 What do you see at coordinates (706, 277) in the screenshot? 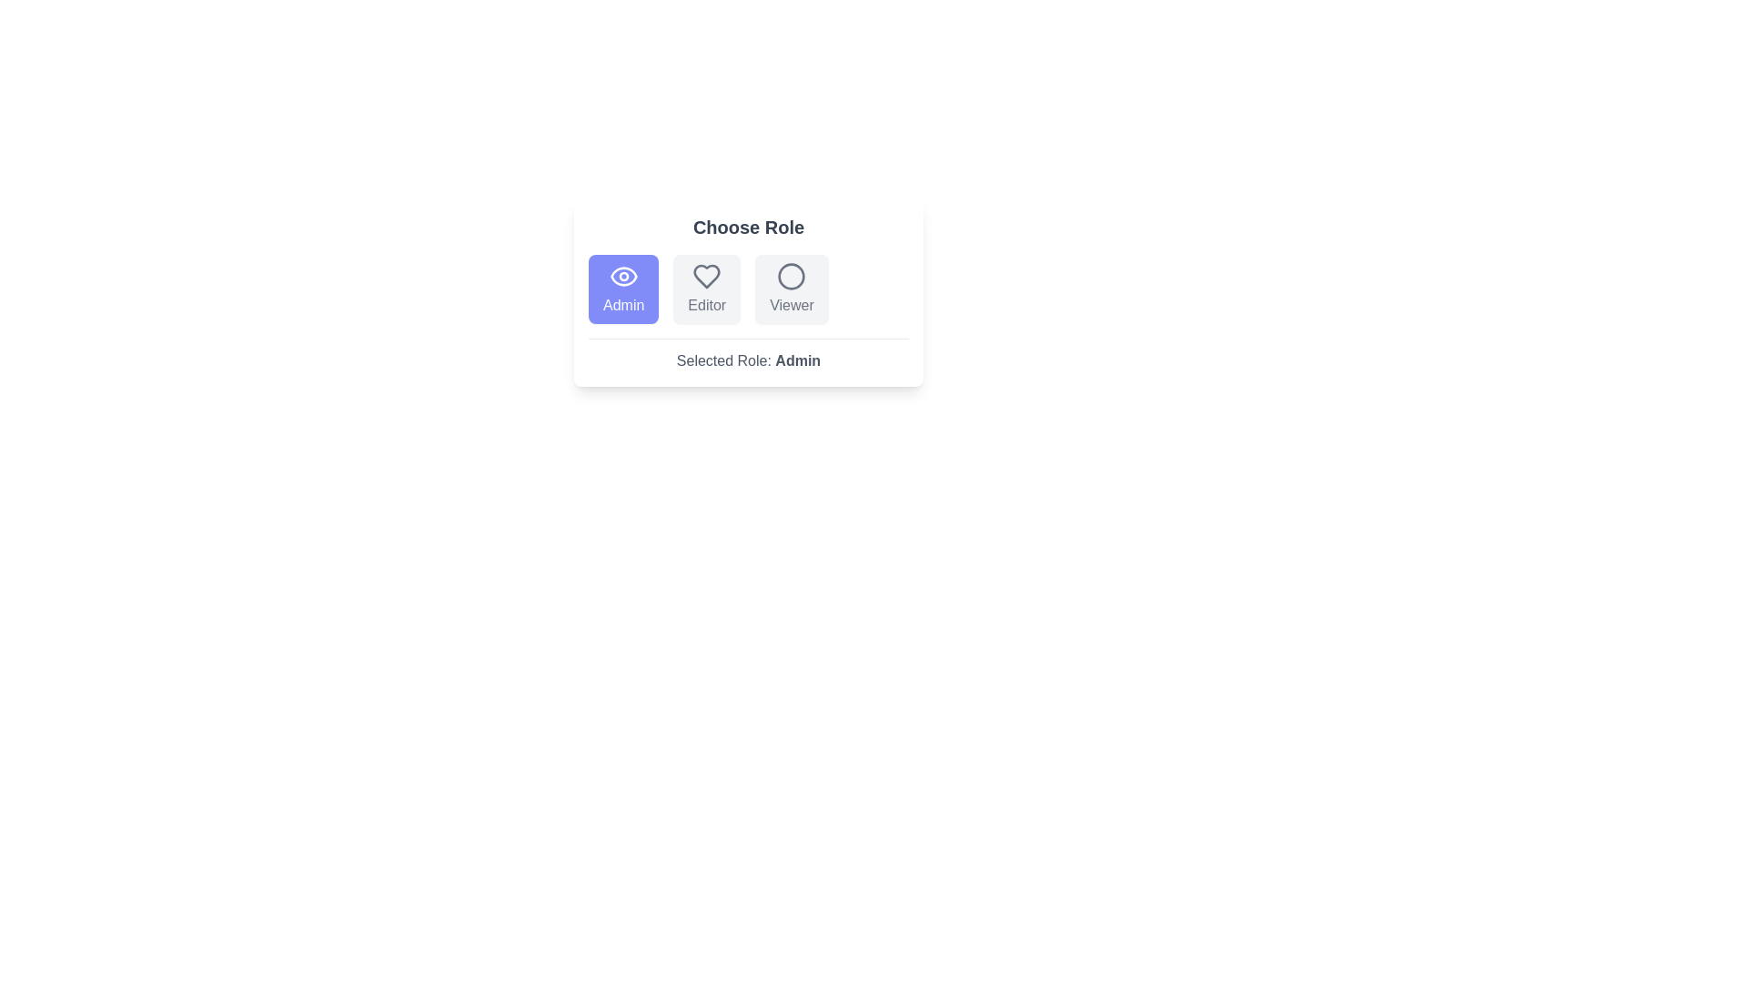
I see `the heart-shaped icon within the 'Editor' button` at bounding box center [706, 277].